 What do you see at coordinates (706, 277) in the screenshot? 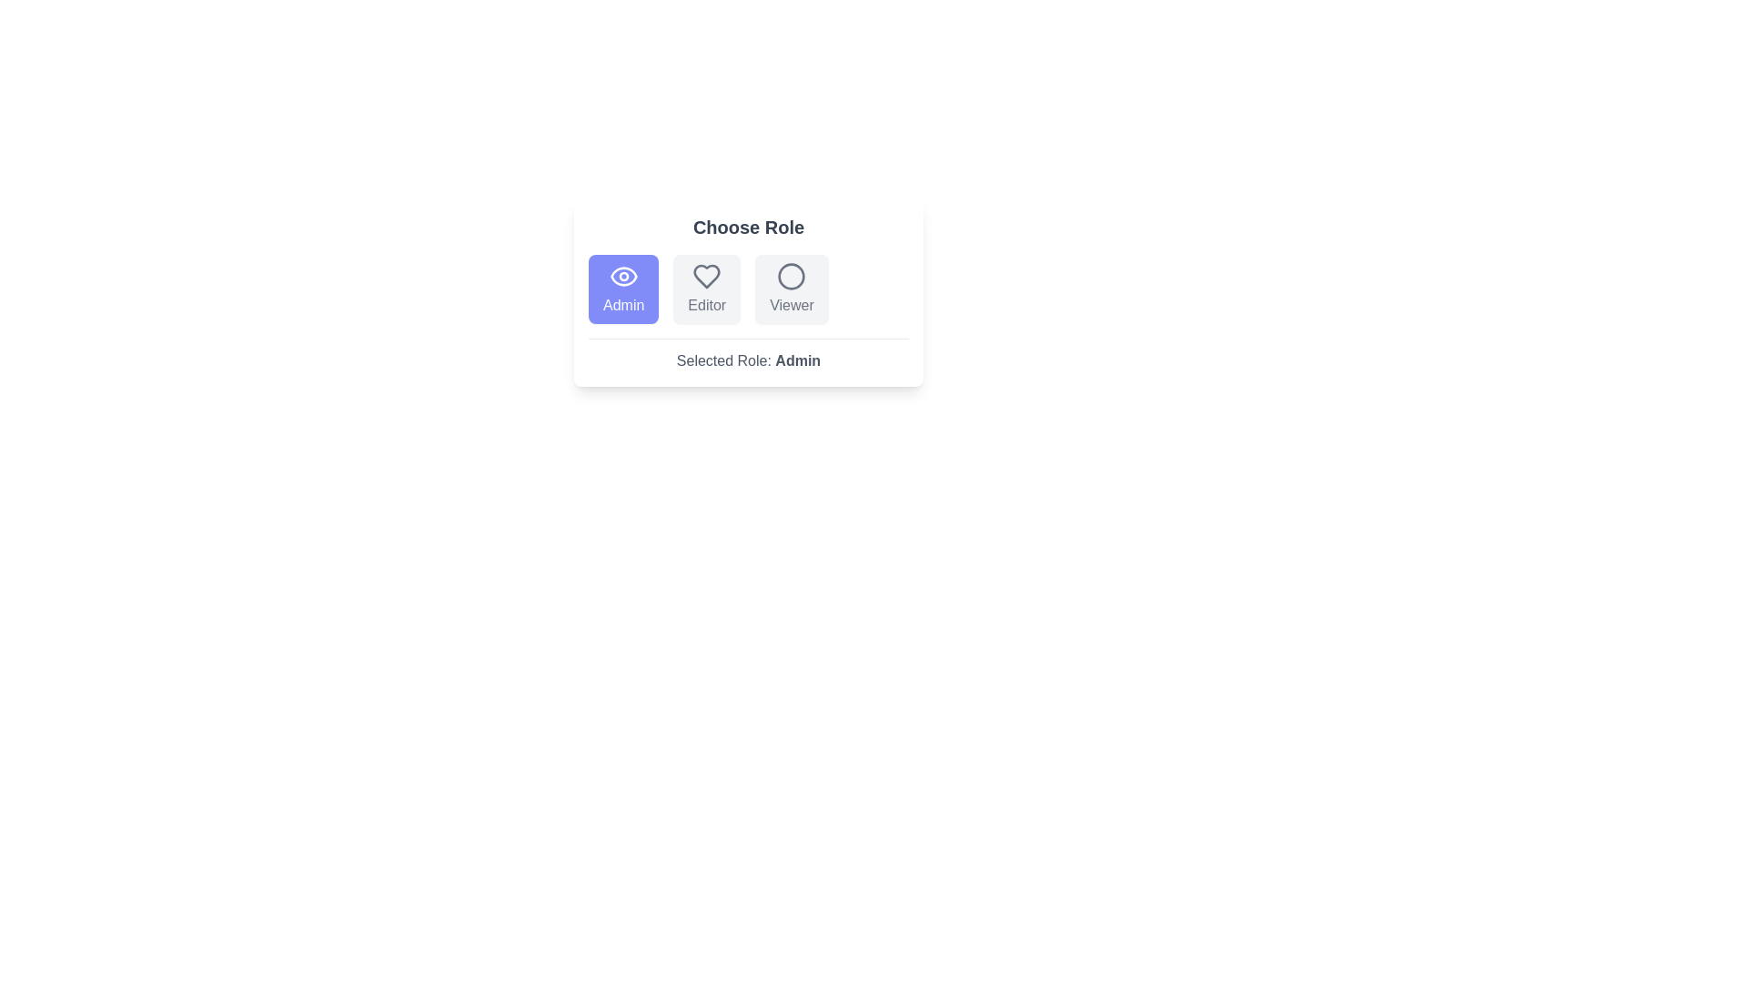
I see `the heart-shaped icon within the 'Editor' button` at bounding box center [706, 277].